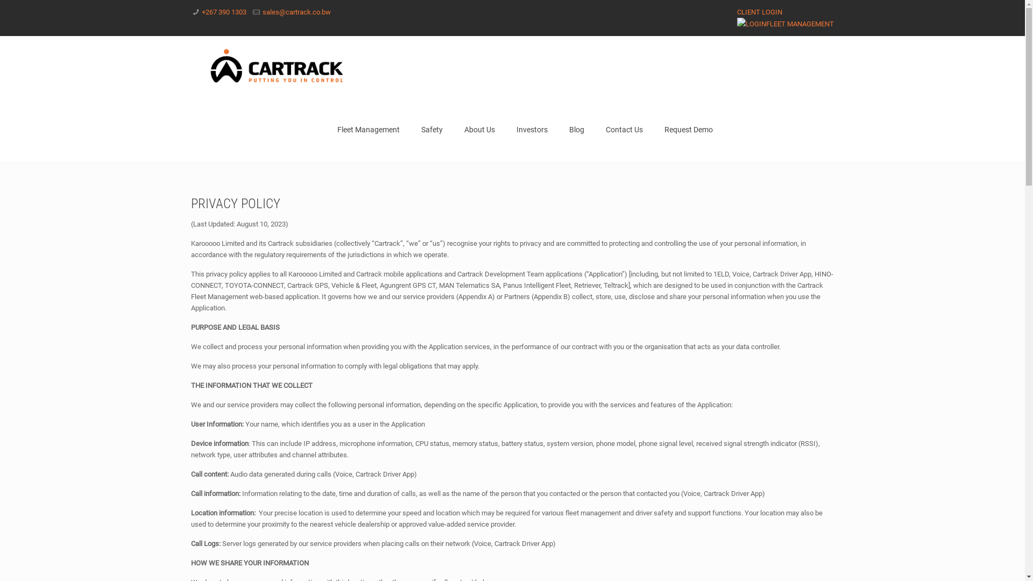 This screenshot has height=581, width=1033. Describe the element at coordinates (479, 129) in the screenshot. I see `'About Us'` at that location.